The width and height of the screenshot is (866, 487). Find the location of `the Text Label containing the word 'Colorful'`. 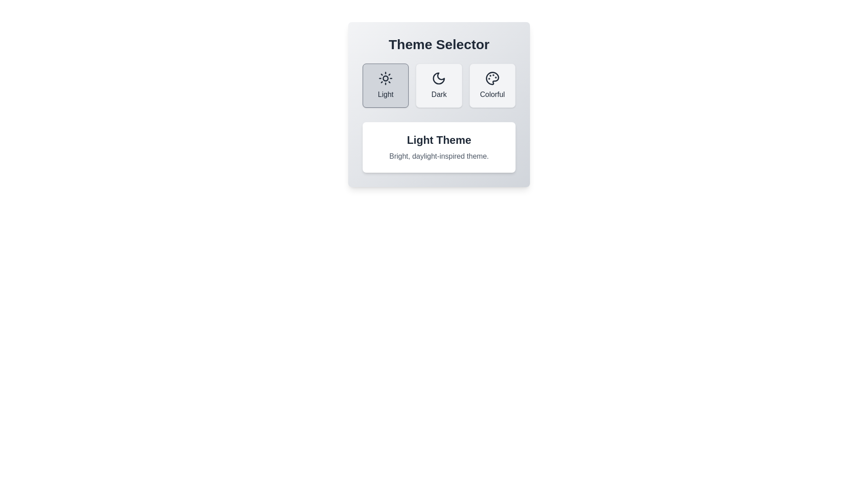

the Text Label containing the word 'Colorful' is located at coordinates (492, 94).